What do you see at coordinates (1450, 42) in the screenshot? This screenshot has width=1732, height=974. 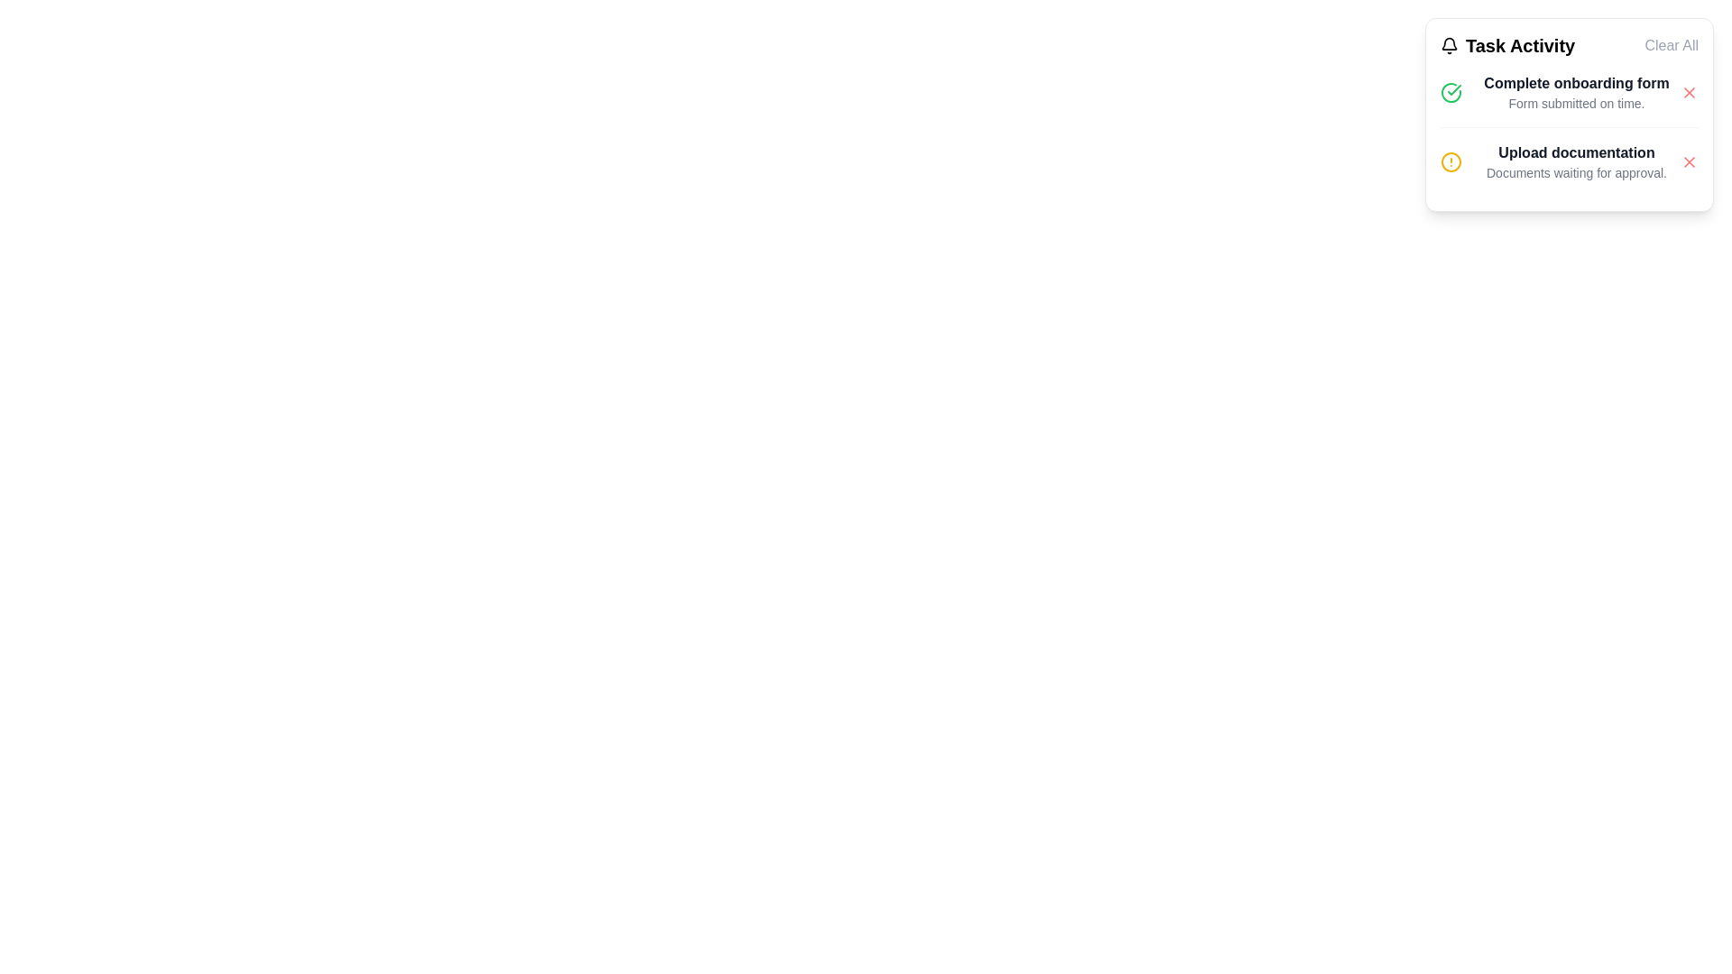 I see `the decorative graphic of the bell icon located in the top-left corner of the 'Task Activity' panel` at bounding box center [1450, 42].